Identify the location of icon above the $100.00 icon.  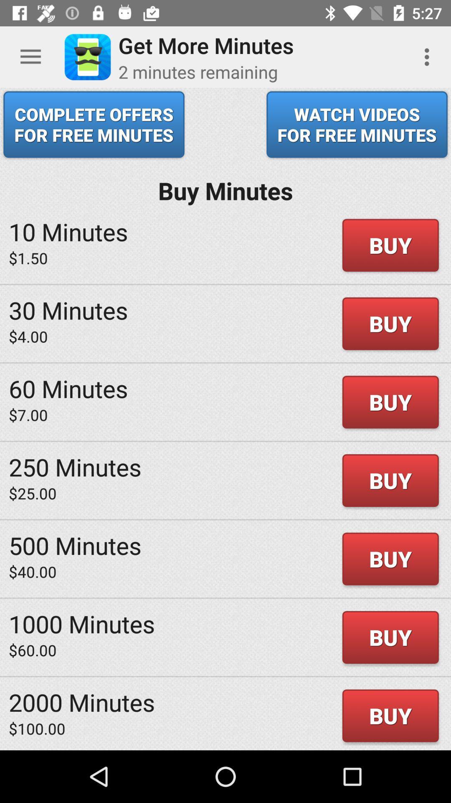
(82, 702).